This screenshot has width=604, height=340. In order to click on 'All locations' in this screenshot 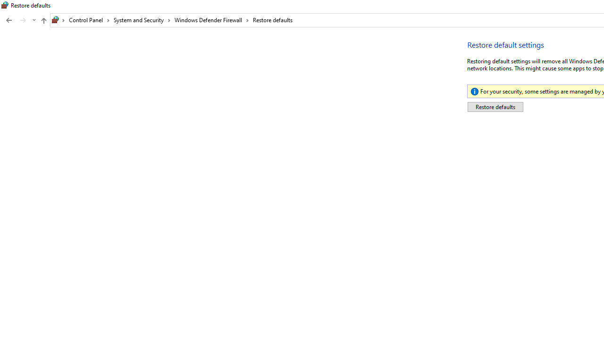, I will do `click(58, 20)`.